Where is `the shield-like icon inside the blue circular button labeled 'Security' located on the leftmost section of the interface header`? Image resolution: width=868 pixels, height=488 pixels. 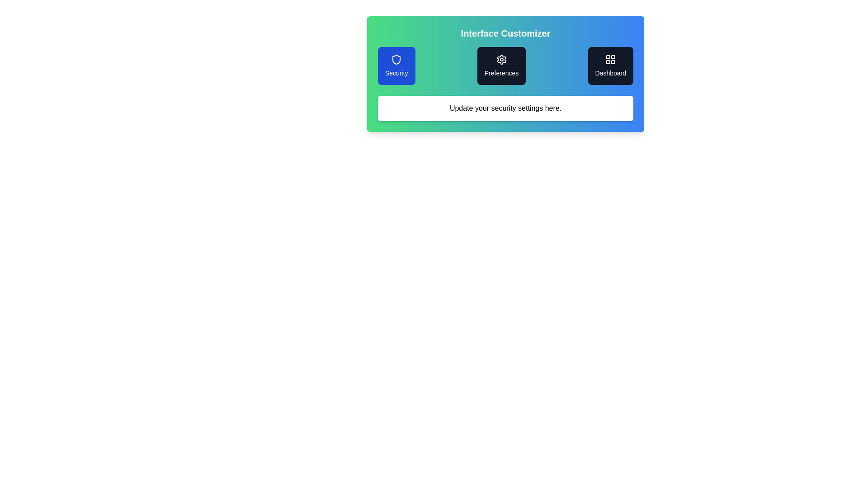 the shield-like icon inside the blue circular button labeled 'Security' located on the leftmost section of the interface header is located at coordinates (396, 59).